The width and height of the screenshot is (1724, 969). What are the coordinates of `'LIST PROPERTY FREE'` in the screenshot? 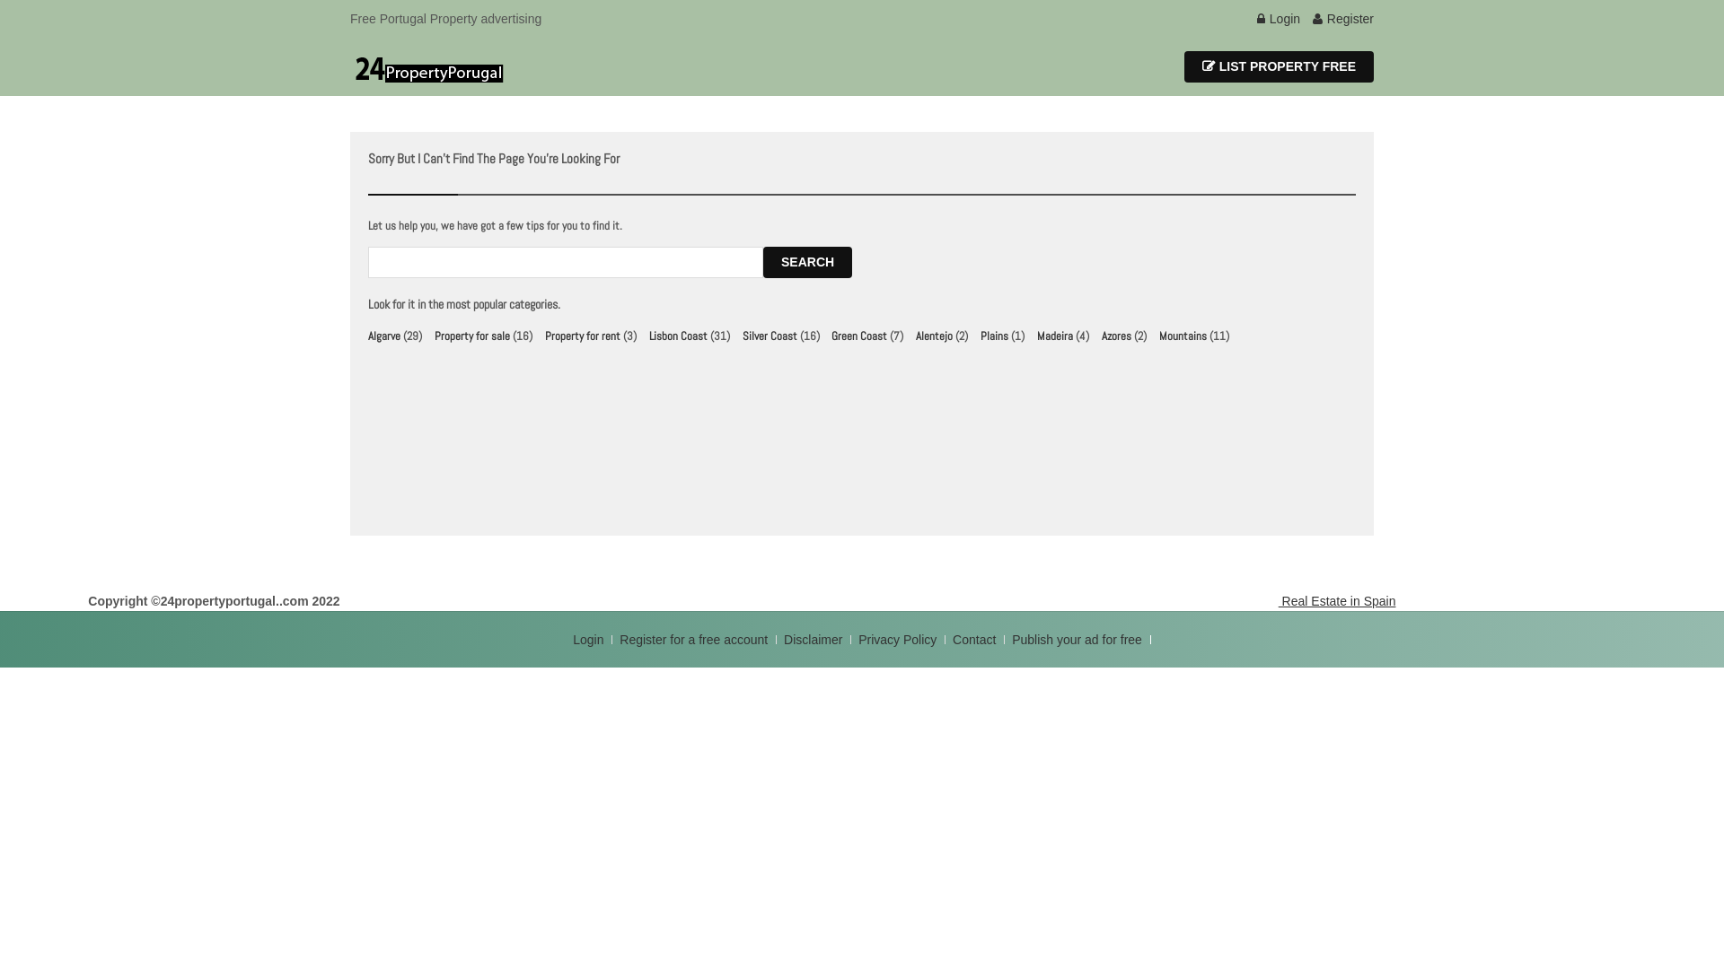 It's located at (1278, 65).